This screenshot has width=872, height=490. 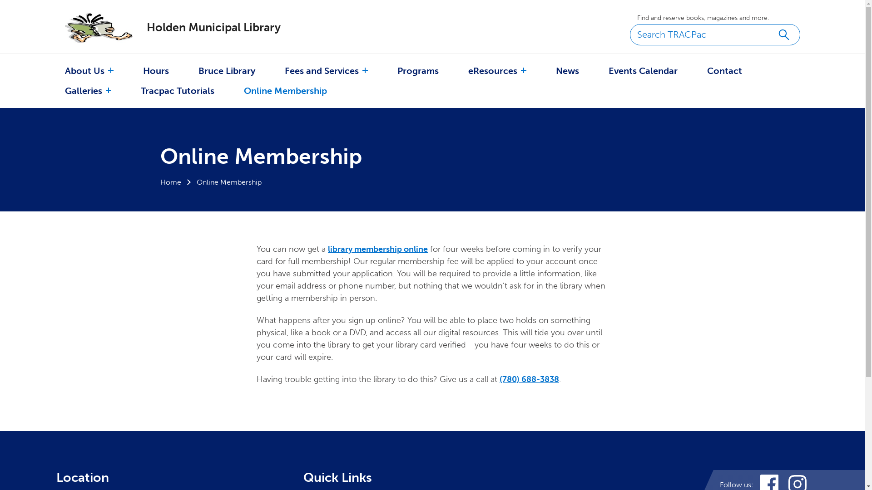 What do you see at coordinates (170, 182) in the screenshot?
I see `'Home'` at bounding box center [170, 182].